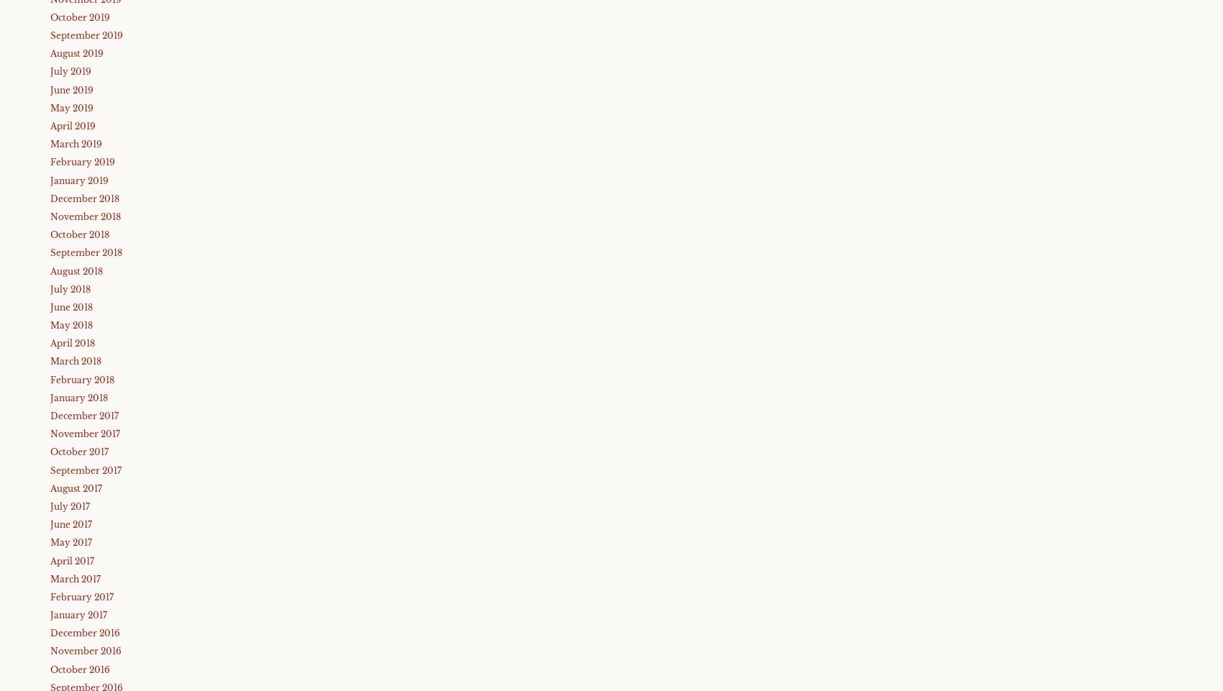  I want to click on 'January 2018', so click(78, 396).